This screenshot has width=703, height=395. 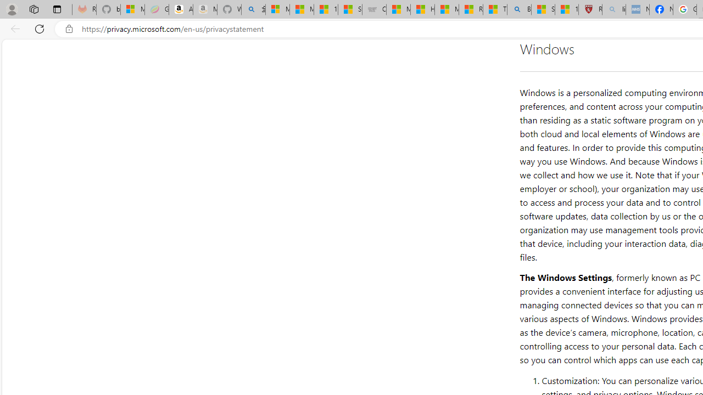 What do you see at coordinates (518, 9) in the screenshot?
I see `'Bing'` at bounding box center [518, 9].